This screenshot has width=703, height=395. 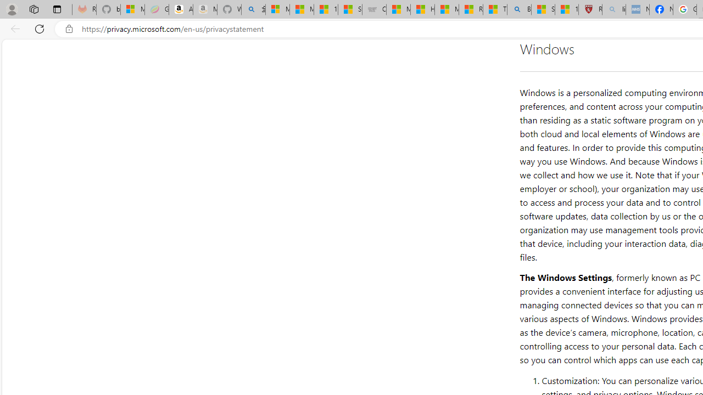 What do you see at coordinates (518, 9) in the screenshot?
I see `'Bing'` at bounding box center [518, 9].